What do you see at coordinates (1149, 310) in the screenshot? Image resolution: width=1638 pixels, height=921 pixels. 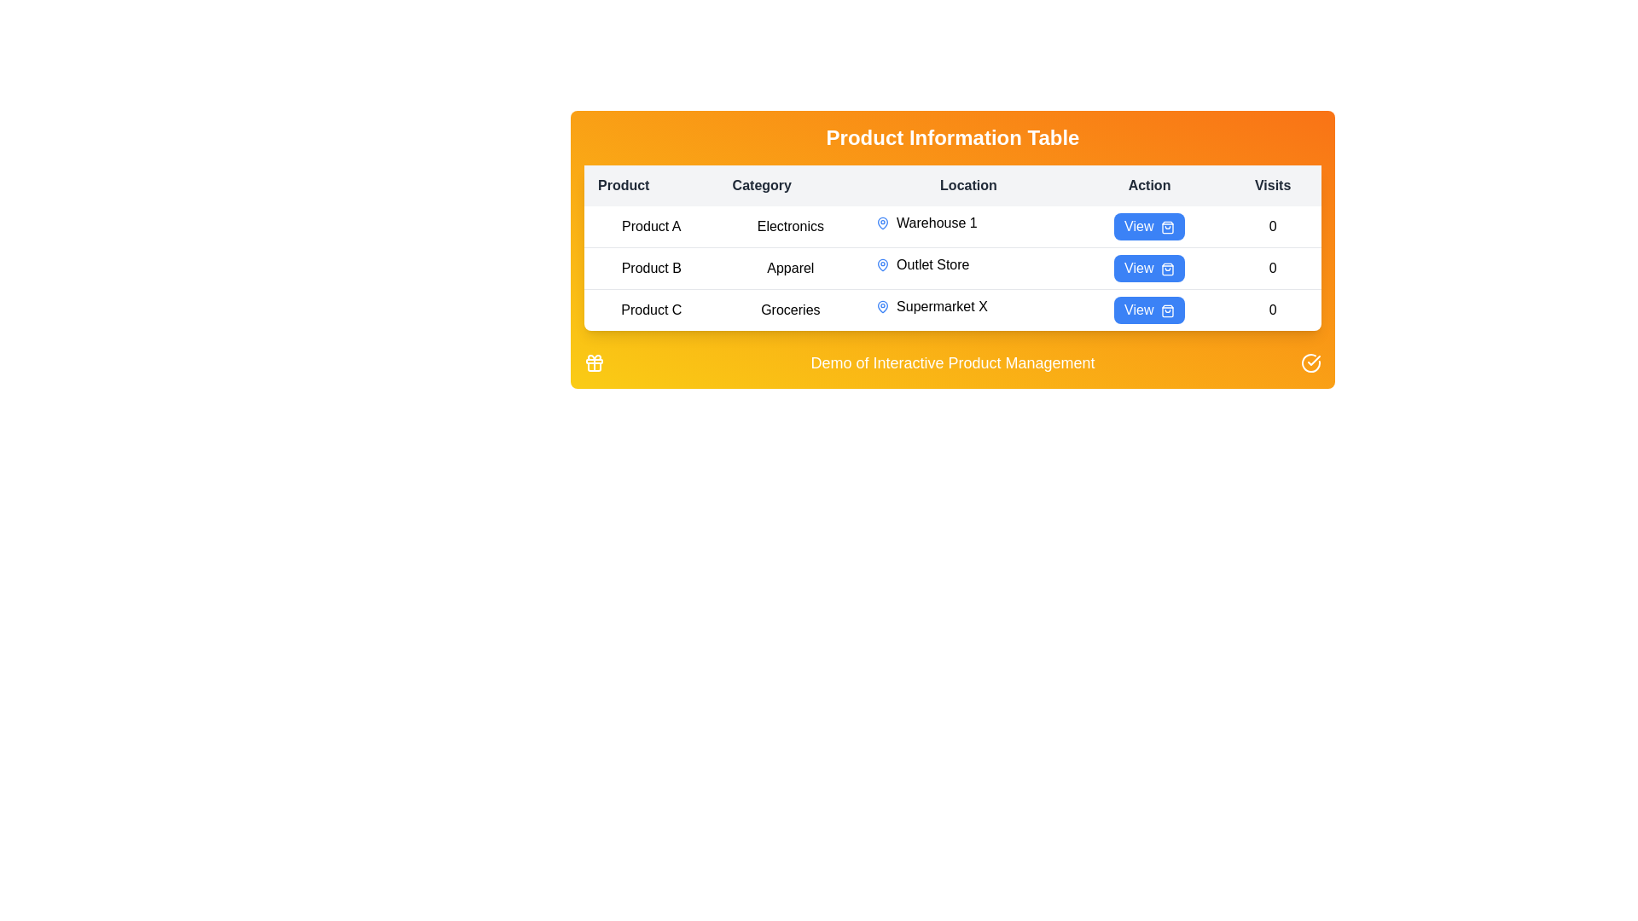 I see `the 'View' button with a bright blue background and white text located in the action column of the table's third row for 'Product C'` at bounding box center [1149, 310].